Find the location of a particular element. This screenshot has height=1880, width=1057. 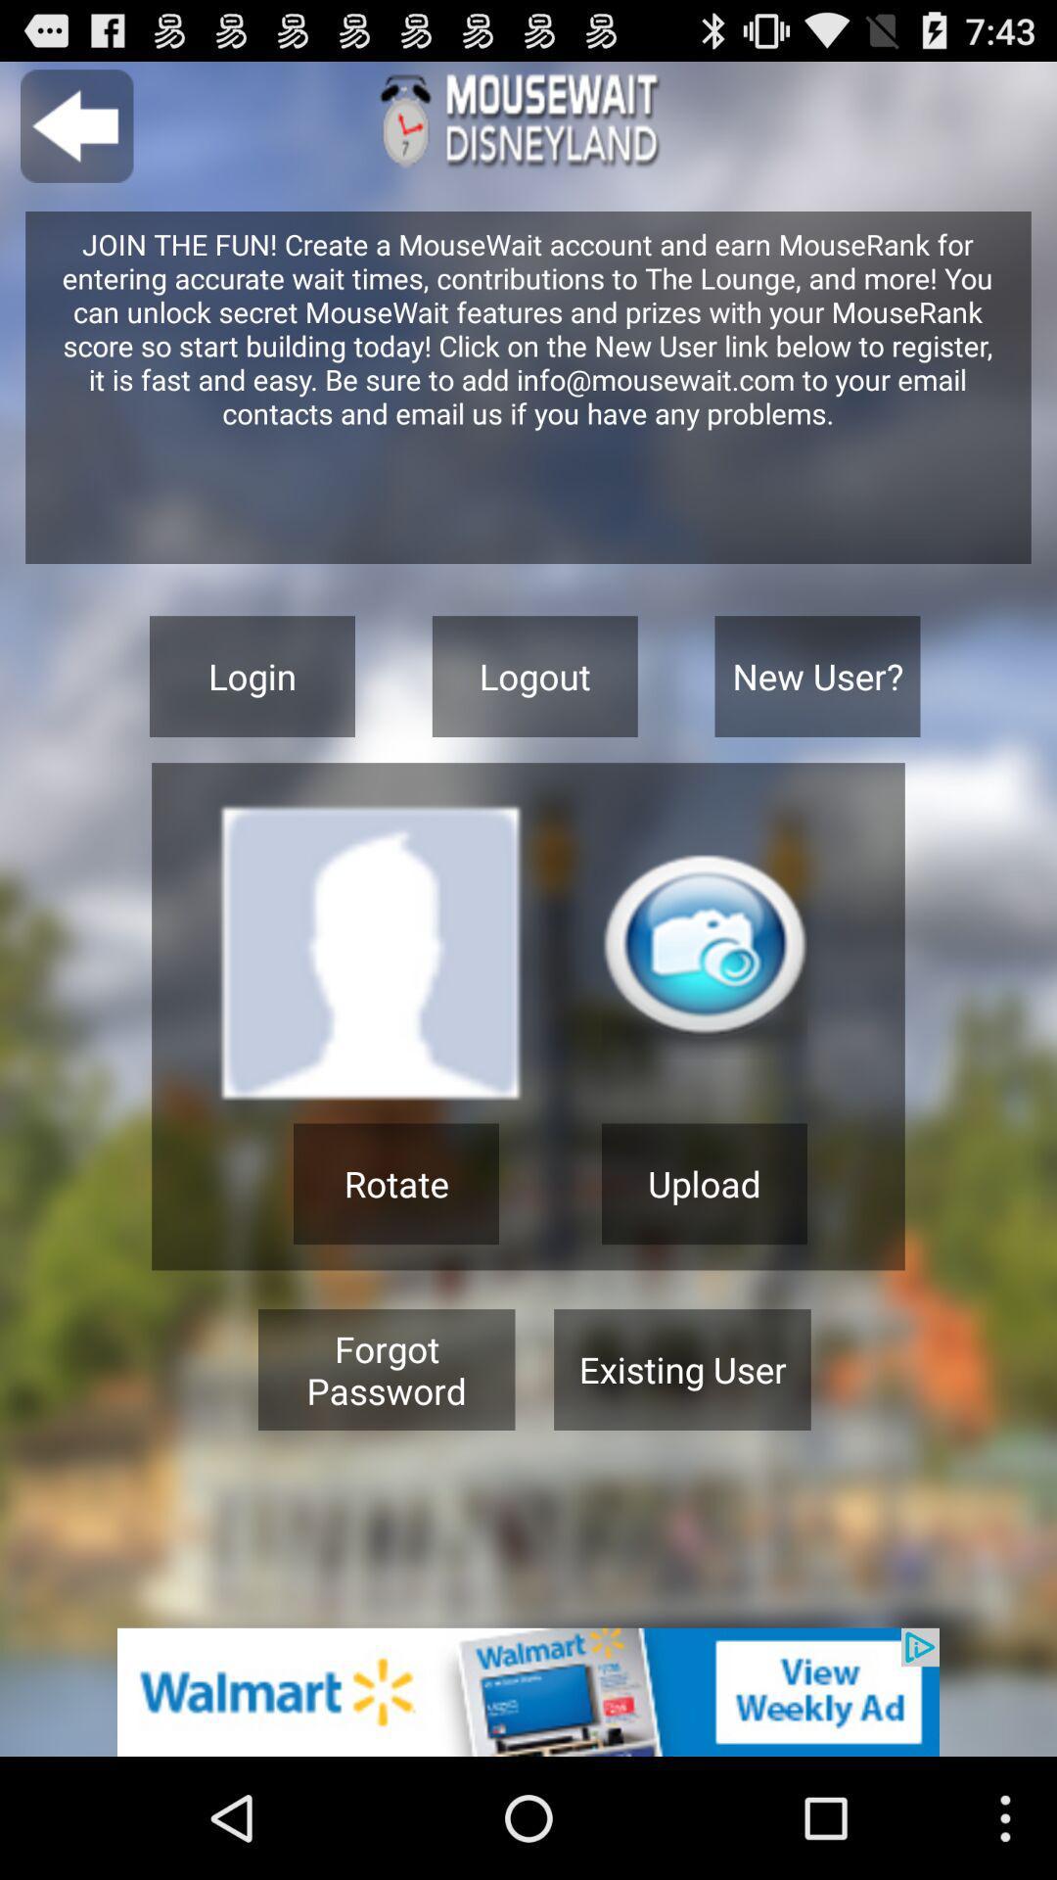

page back is located at coordinates (75, 125).